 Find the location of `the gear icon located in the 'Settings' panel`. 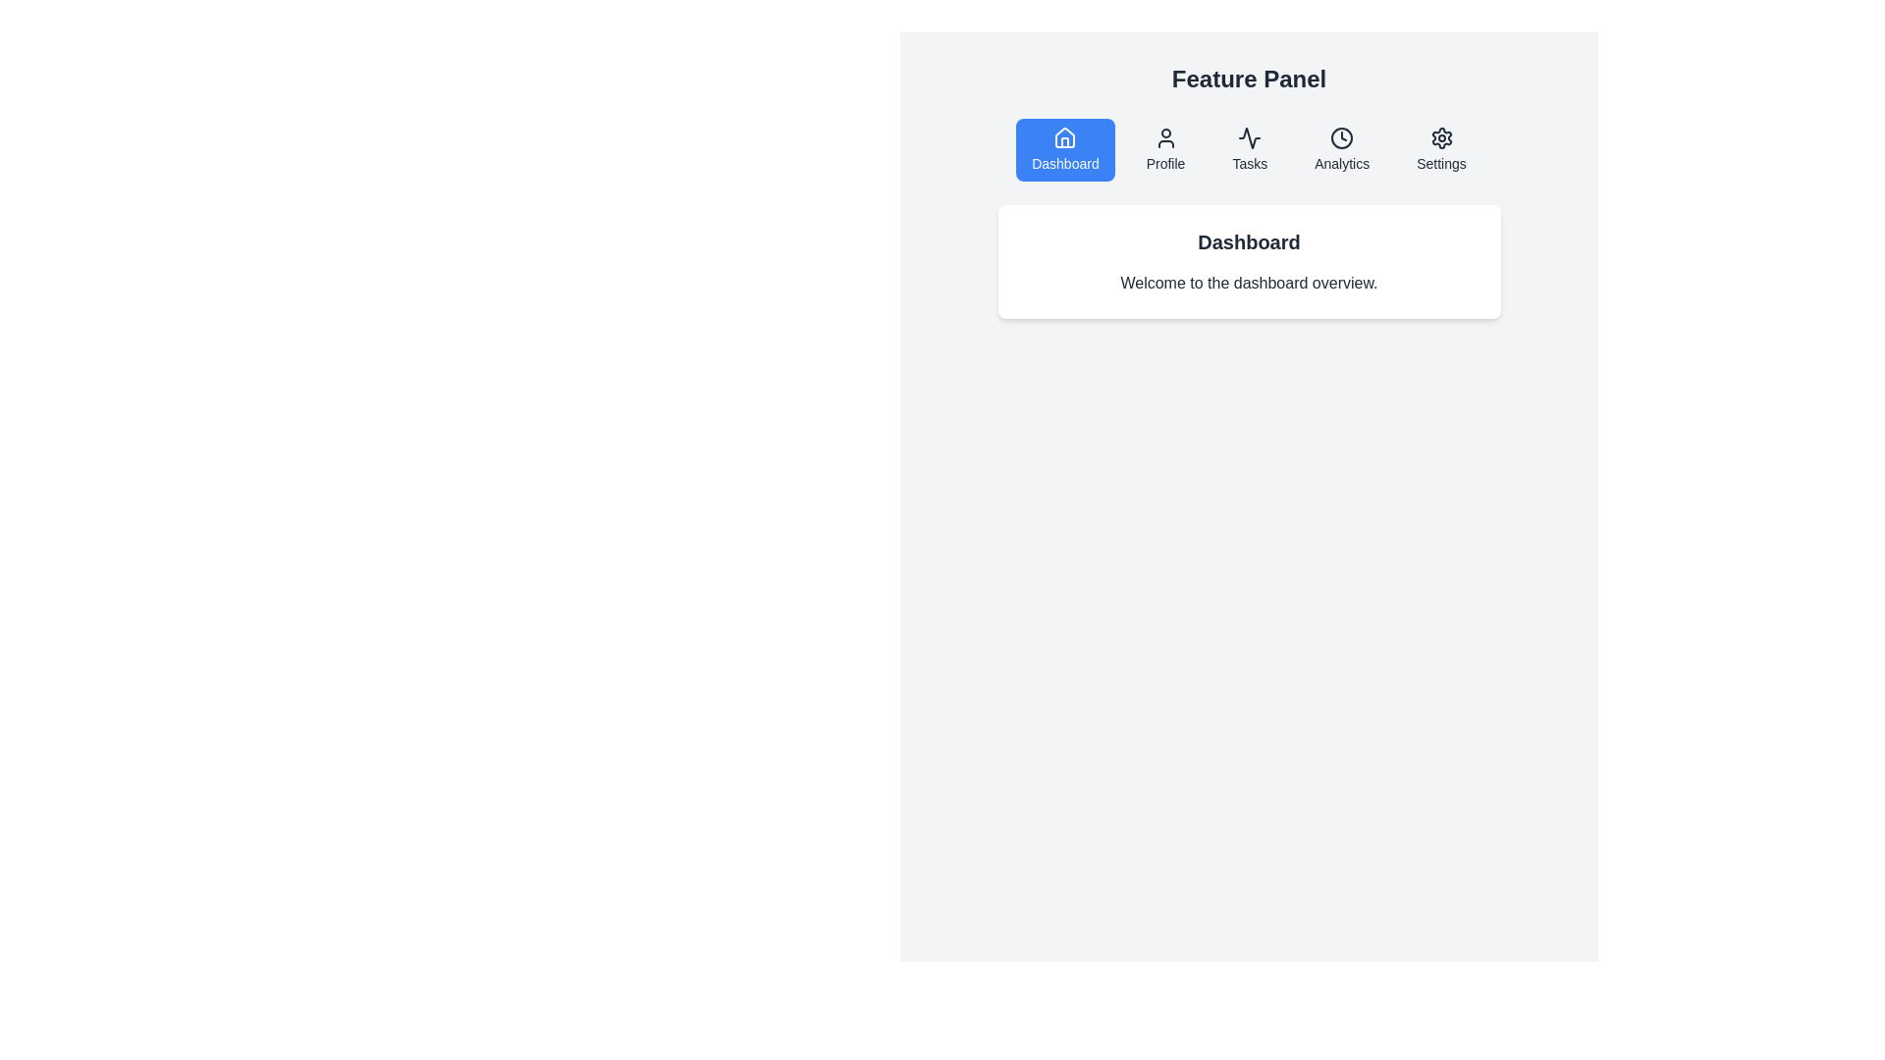

the gear icon located in the 'Settings' panel is located at coordinates (1441, 137).